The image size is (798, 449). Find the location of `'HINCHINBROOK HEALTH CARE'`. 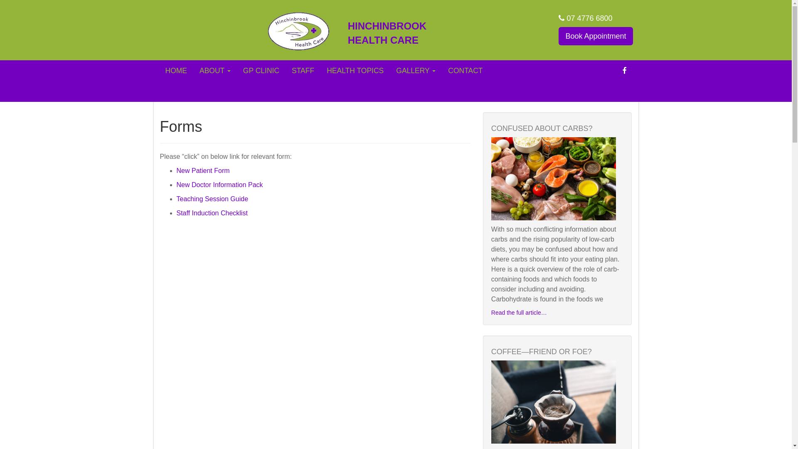

'HINCHINBROOK HEALTH CARE' is located at coordinates (399, 33).